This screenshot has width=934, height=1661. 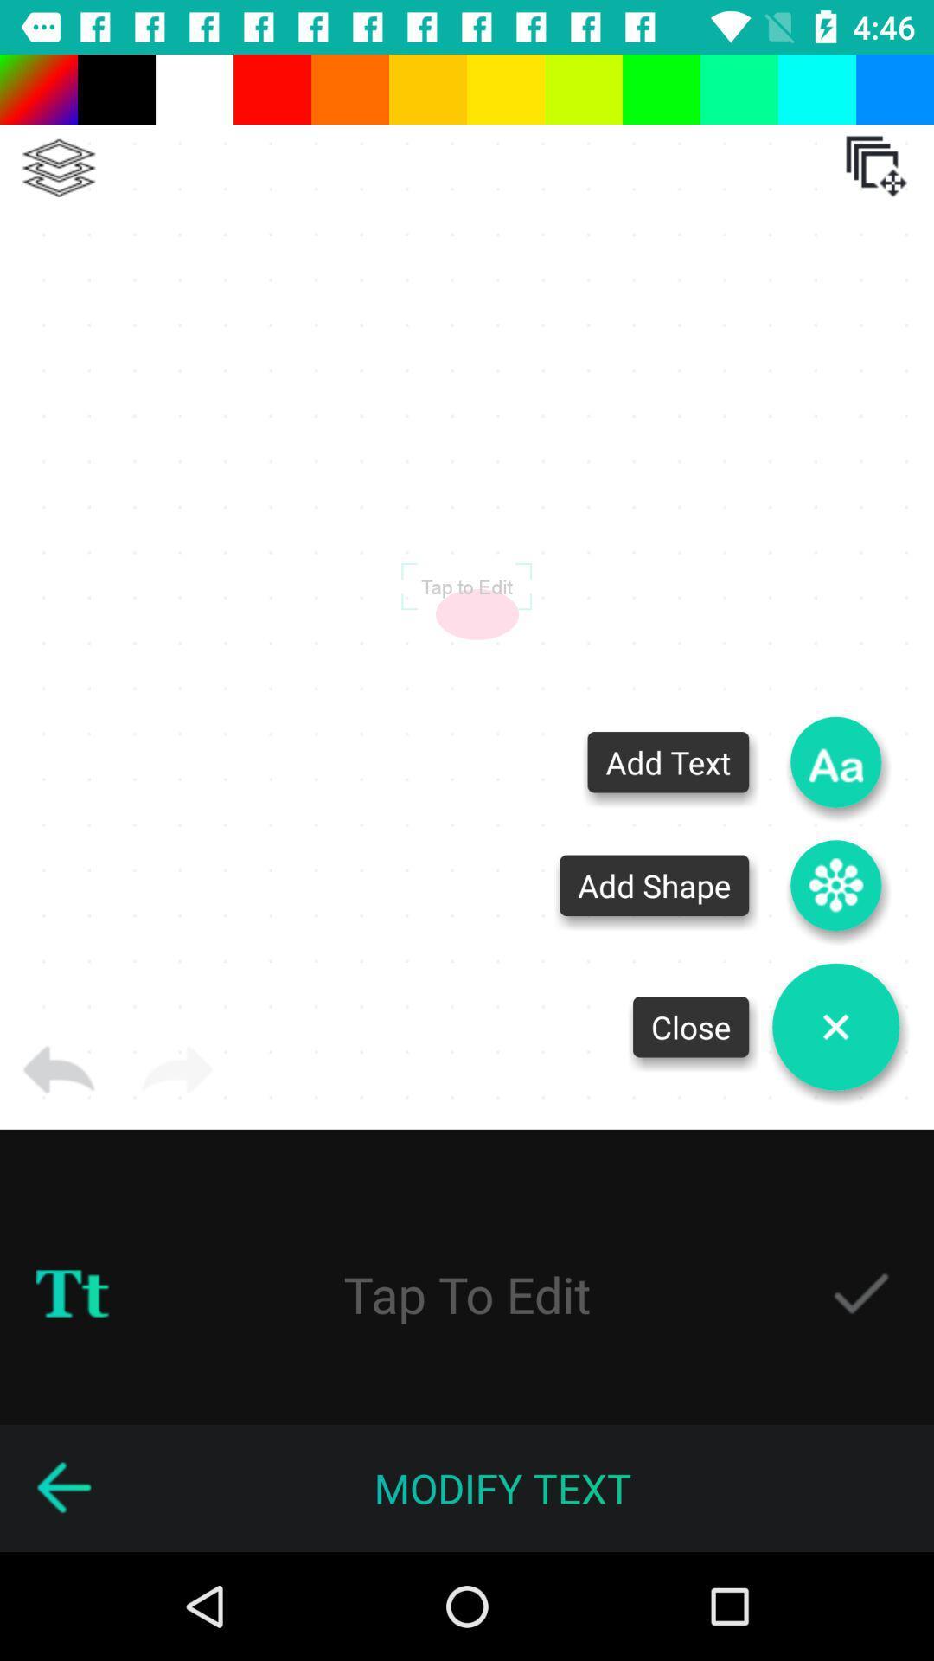 I want to click on editor, so click(x=835, y=1027).